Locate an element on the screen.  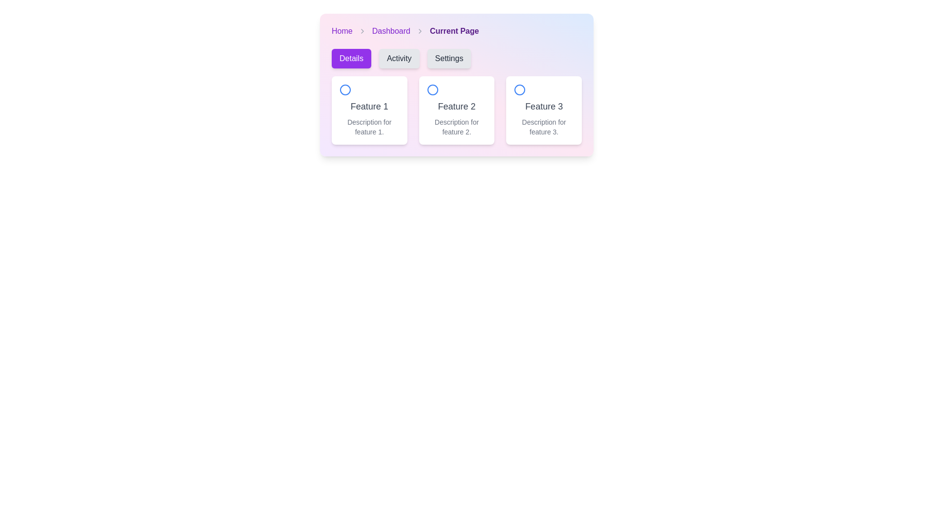
the 'Dashboard' hyperlink in the breadcrumb navigation bar is located at coordinates (391, 31).